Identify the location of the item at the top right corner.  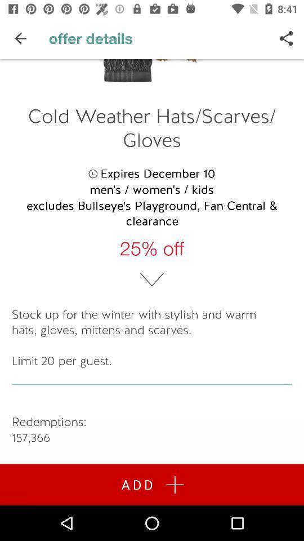
(286, 38).